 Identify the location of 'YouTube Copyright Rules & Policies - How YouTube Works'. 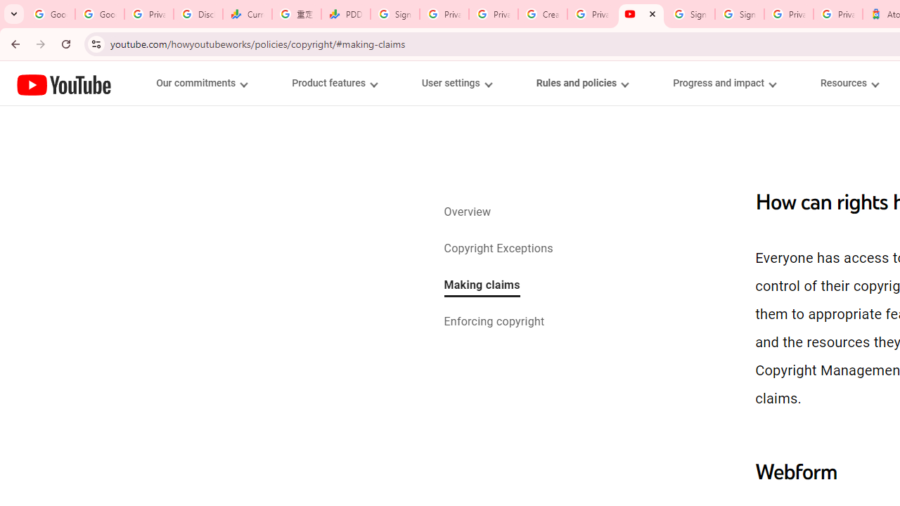
(641, 14).